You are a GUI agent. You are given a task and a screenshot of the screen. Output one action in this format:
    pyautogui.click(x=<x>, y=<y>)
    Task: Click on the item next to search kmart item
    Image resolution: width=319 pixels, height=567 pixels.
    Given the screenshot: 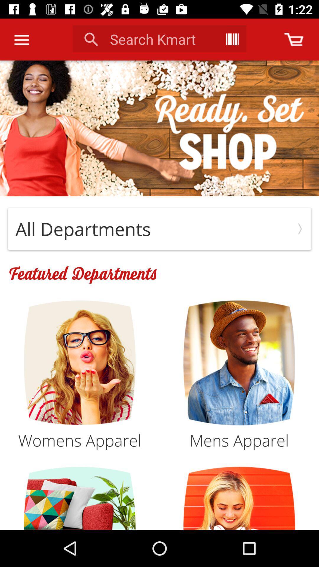 What is the action you would take?
    pyautogui.click(x=232, y=39)
    